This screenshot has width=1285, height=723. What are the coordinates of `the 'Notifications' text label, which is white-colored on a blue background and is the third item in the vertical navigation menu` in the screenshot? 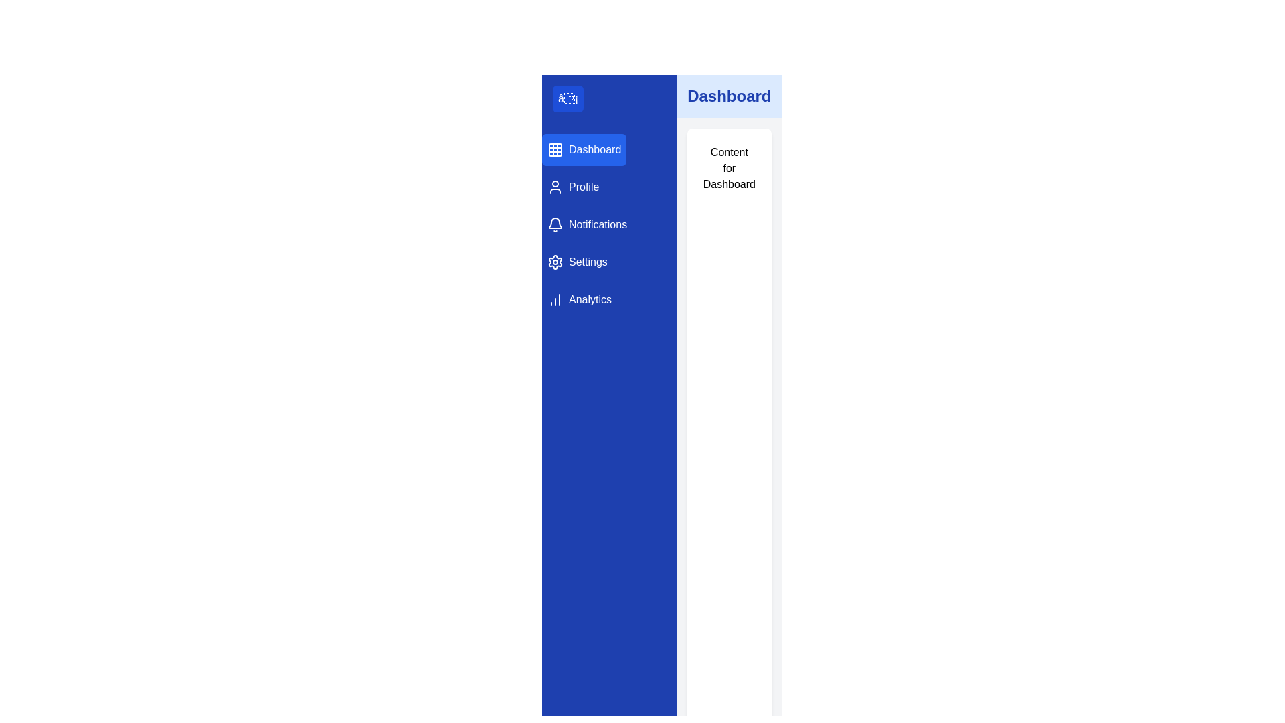 It's located at (597, 224).